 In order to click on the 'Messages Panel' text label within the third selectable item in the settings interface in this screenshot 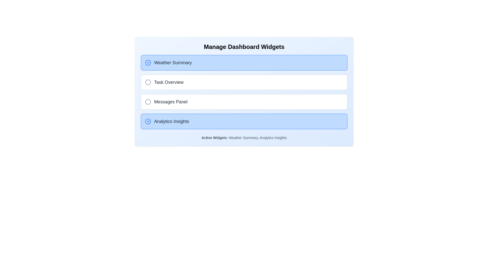, I will do `click(171, 102)`.